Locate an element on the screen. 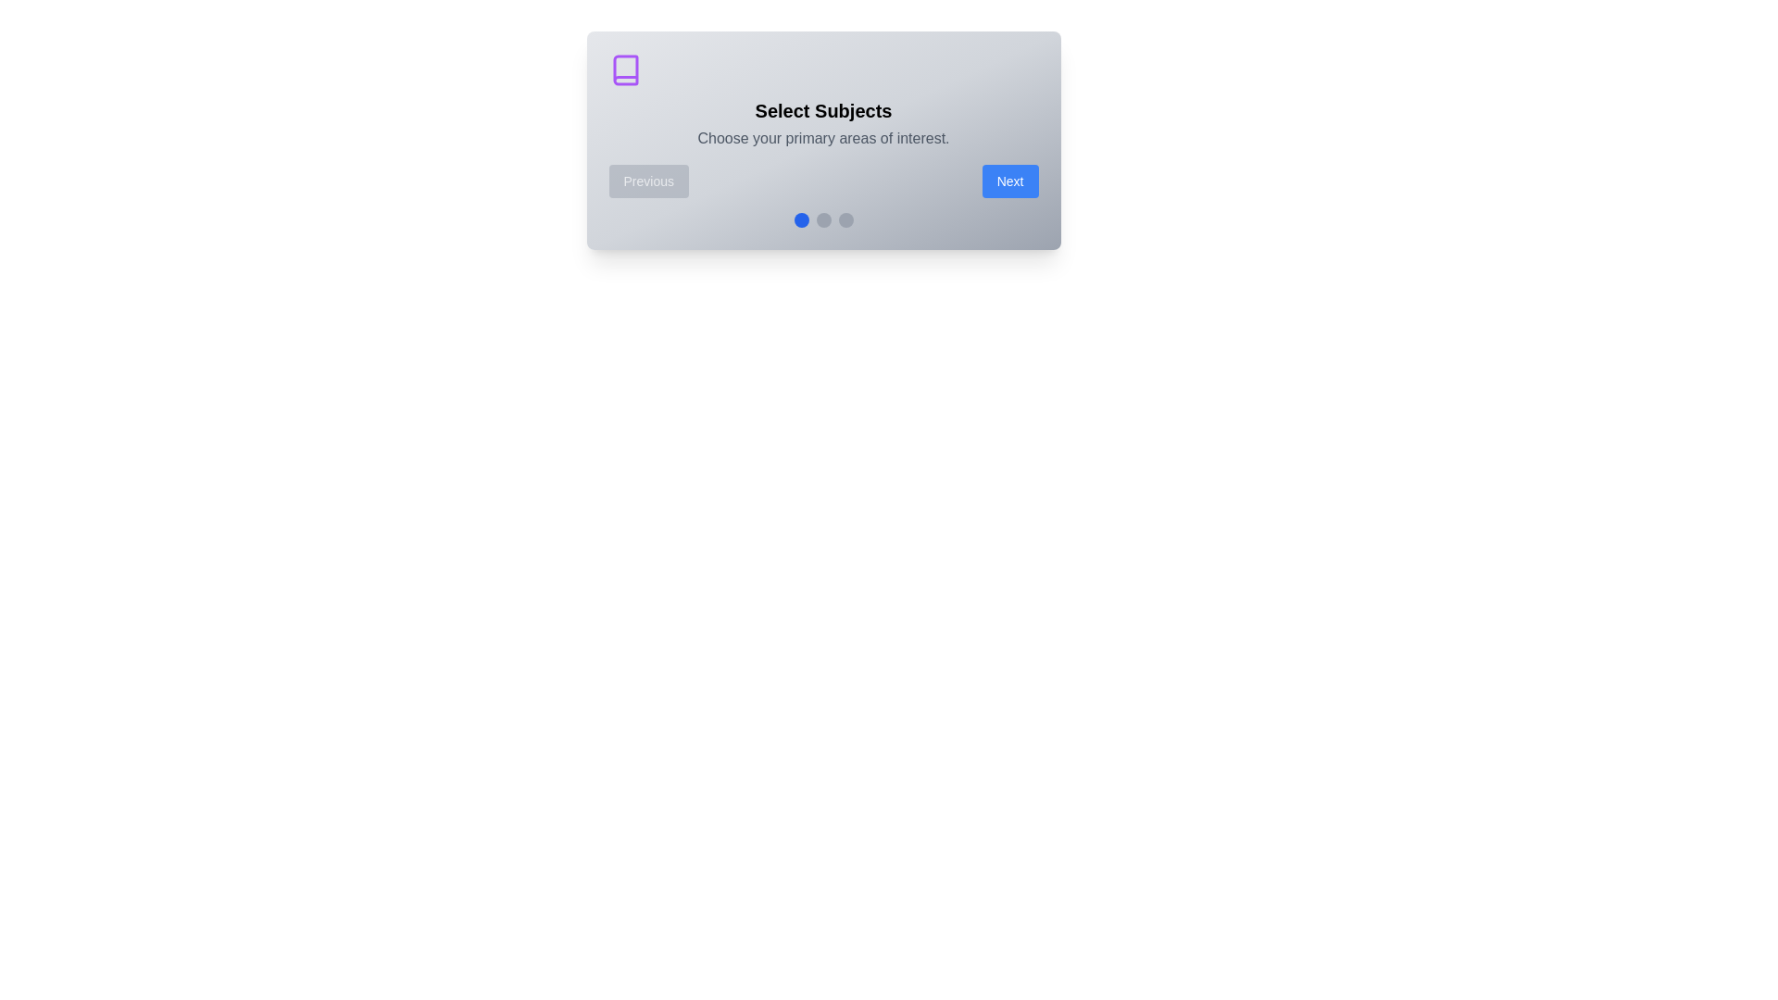 Image resolution: width=1778 pixels, height=1000 pixels. the 'Next' button to navigate to the next step is located at coordinates (1009, 181).